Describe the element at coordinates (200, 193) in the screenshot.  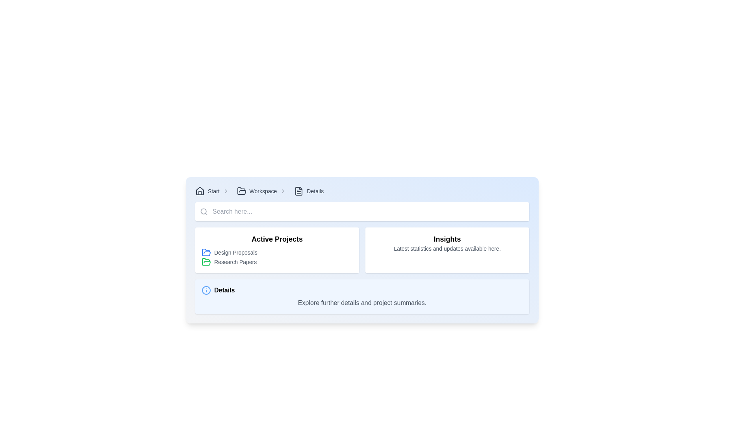
I see `door icon of the house in the breadcrumb navigation for accessibility purposes` at that location.